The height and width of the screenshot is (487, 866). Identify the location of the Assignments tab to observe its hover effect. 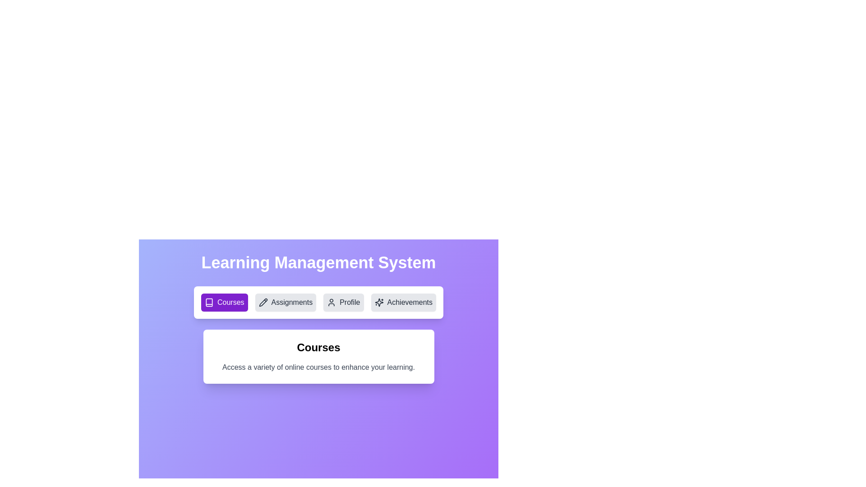
(285, 303).